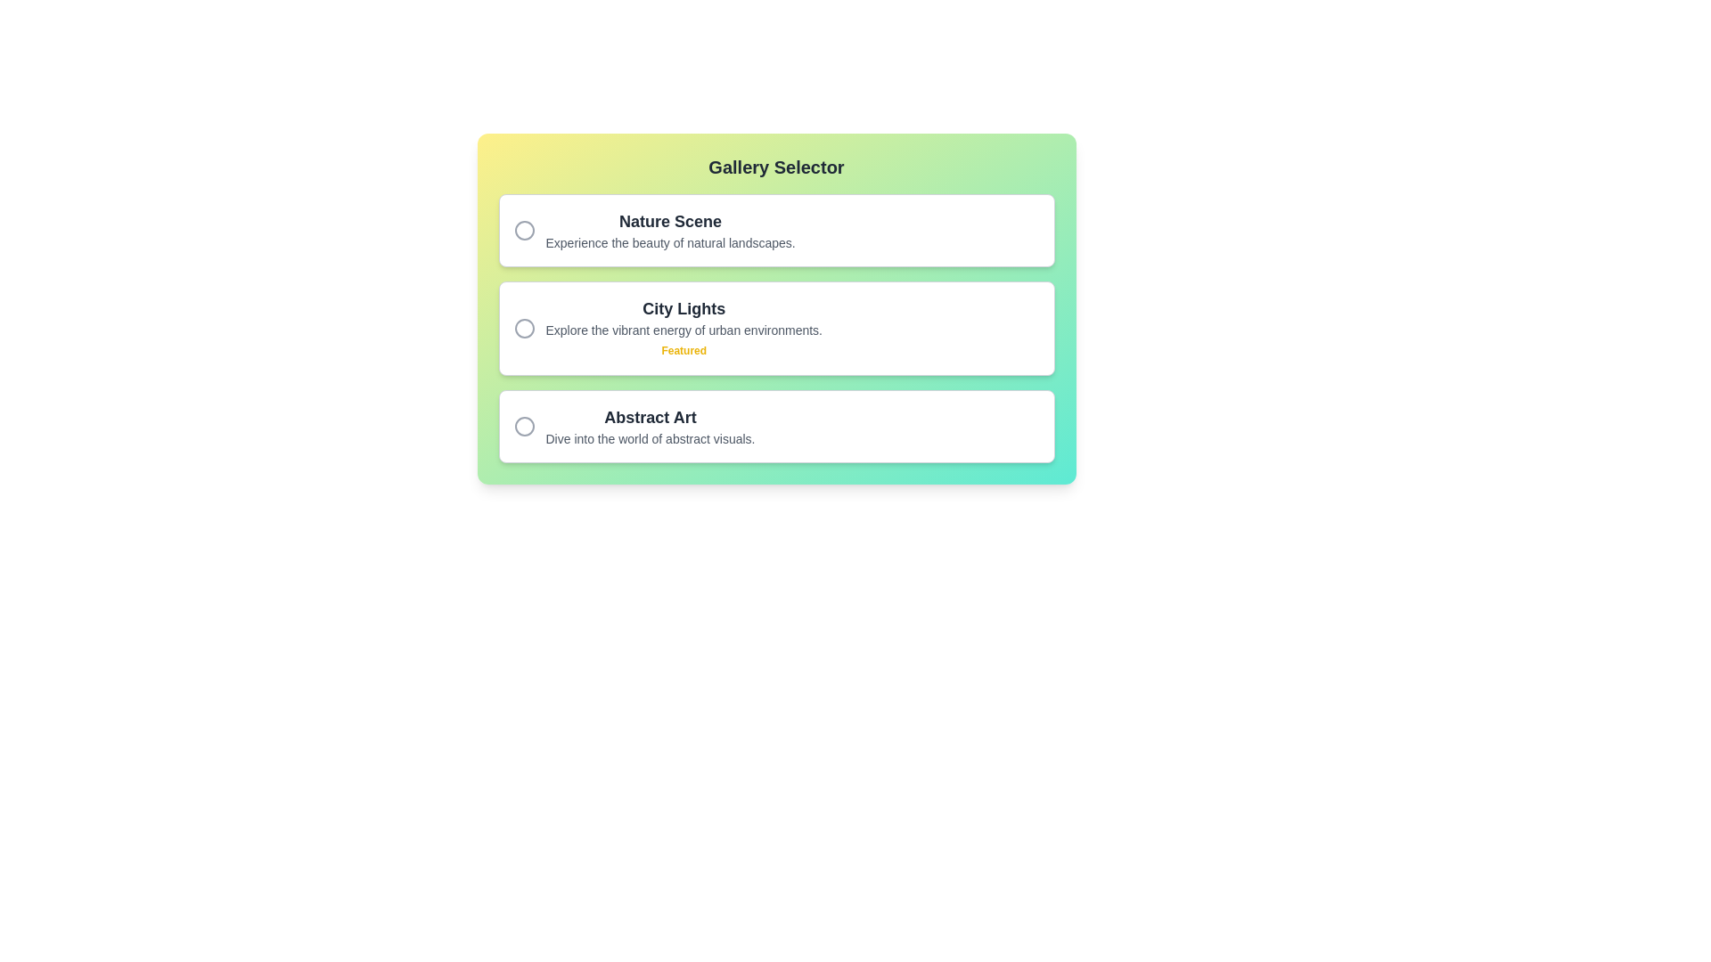 Image resolution: width=1711 pixels, height=962 pixels. I want to click on the selectable radio button for the 'City Lights' option in the 'Gallery Selector', so click(523, 329).